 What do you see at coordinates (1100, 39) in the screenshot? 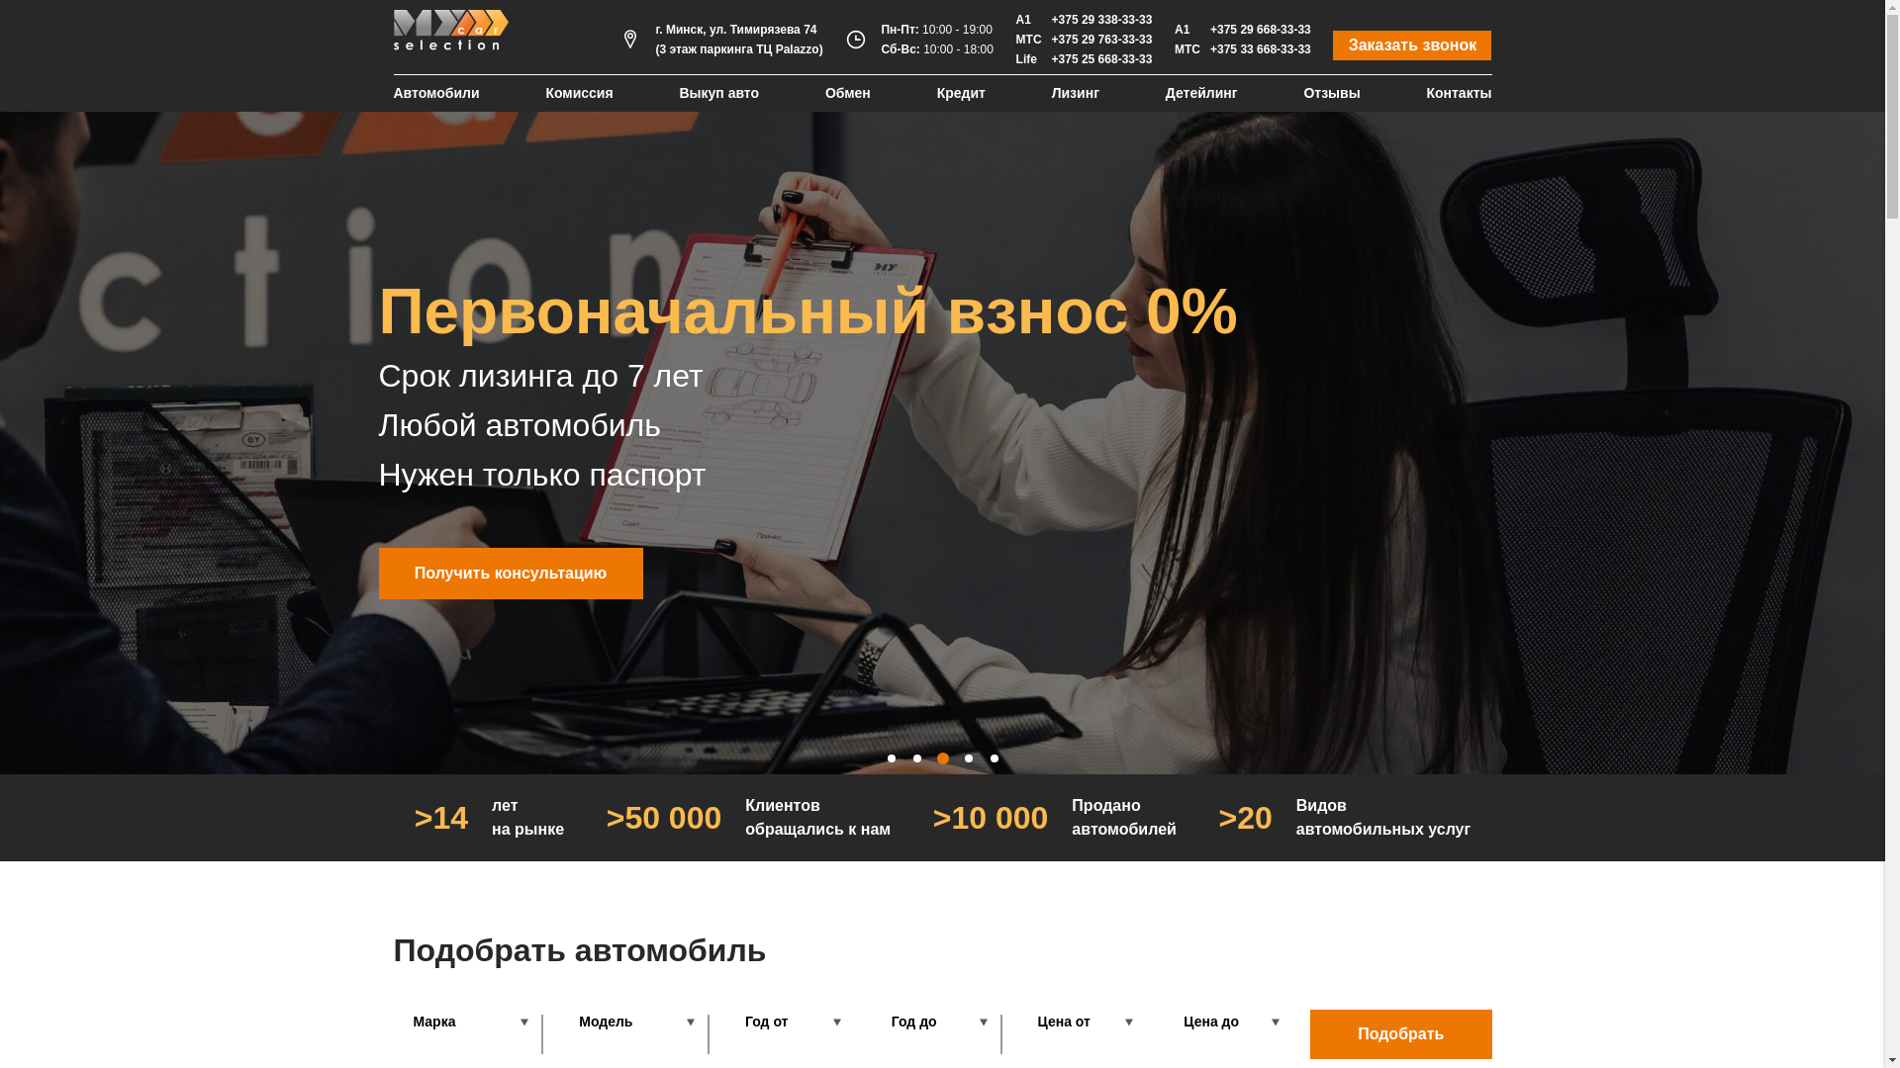
I see `'+375 29 763-33-33'` at bounding box center [1100, 39].